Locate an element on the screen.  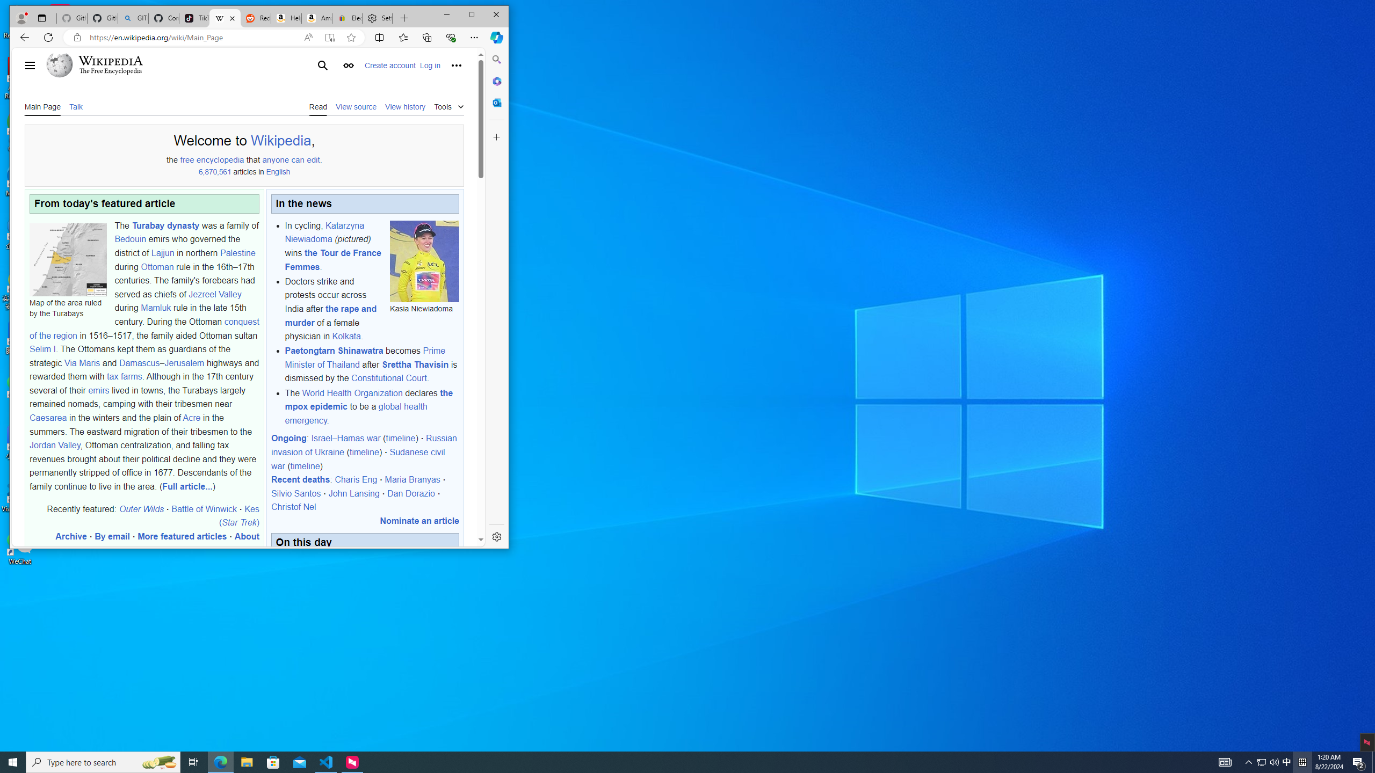
'World Health Organization' is located at coordinates (352, 392).